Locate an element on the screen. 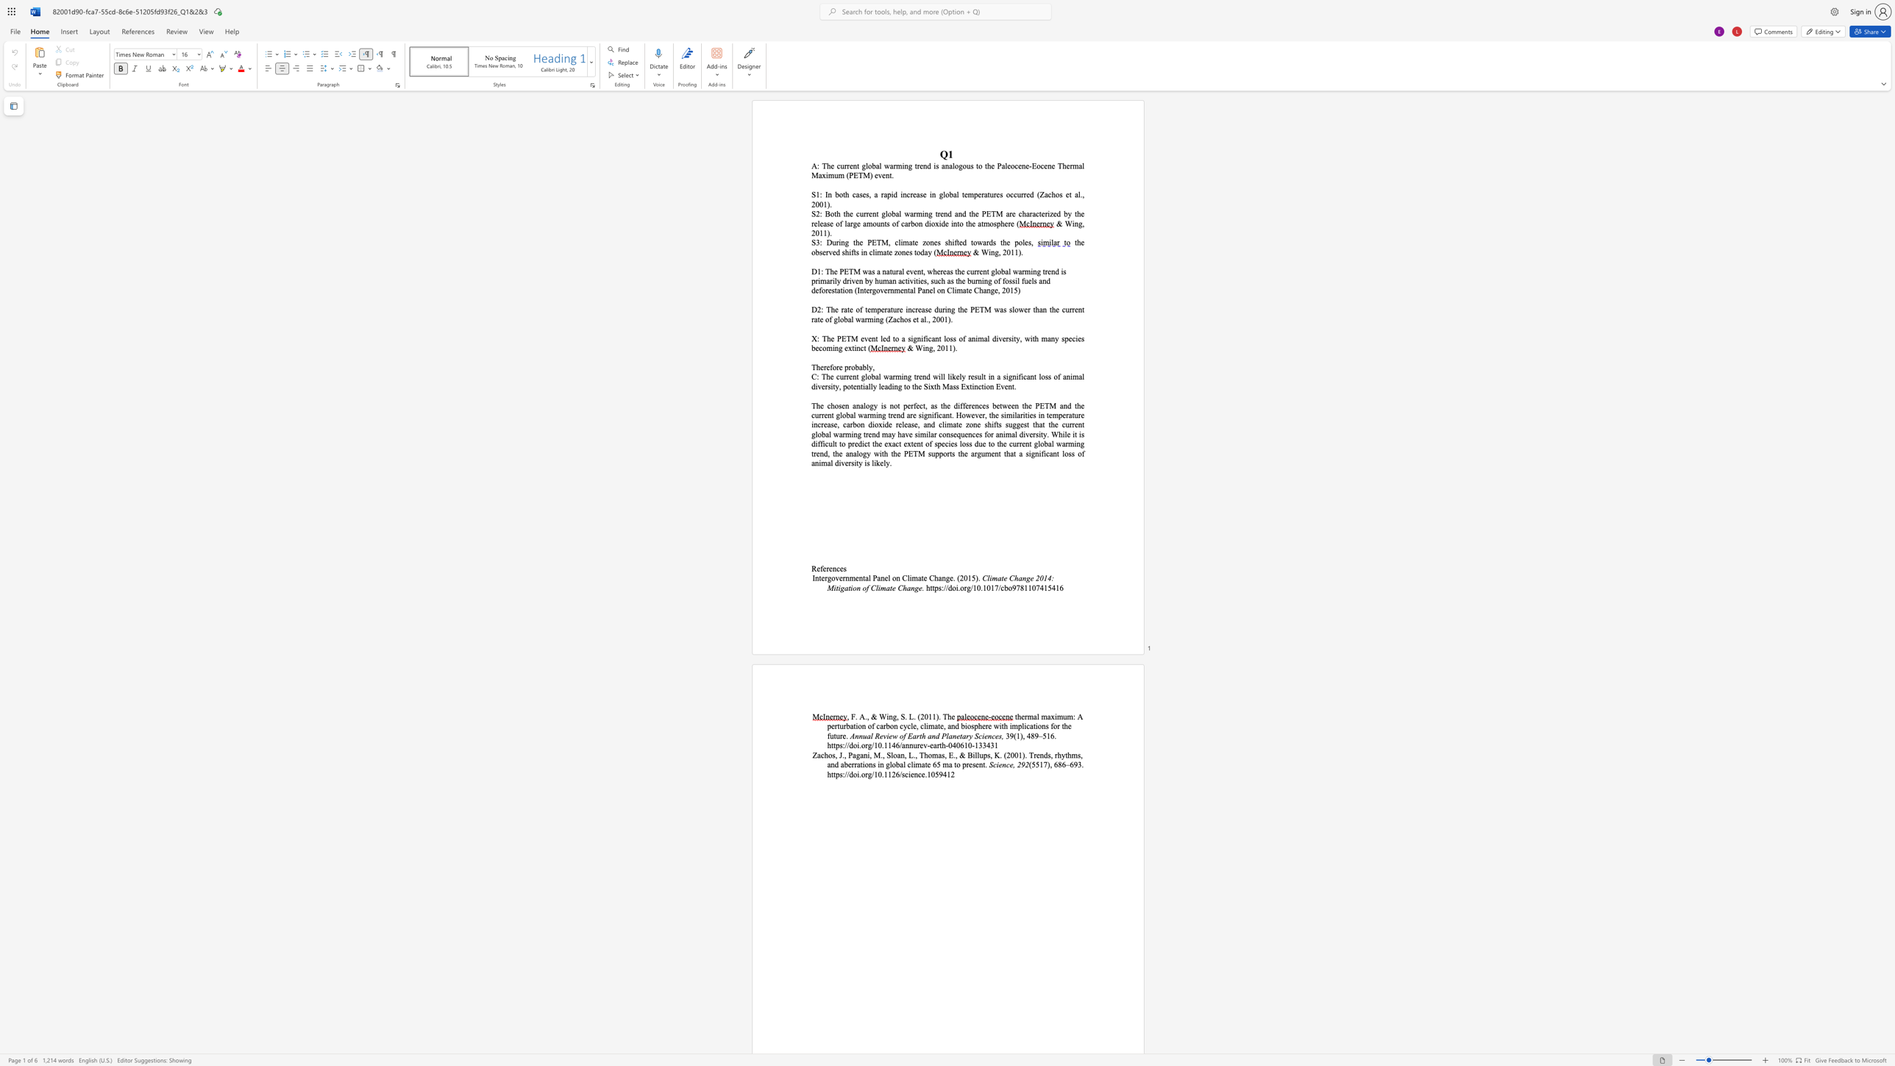 The image size is (1895, 1066). the subset text "2015)." within the text "Intergovernmental Panel on Climate Change. (2015)." is located at coordinates (959, 577).